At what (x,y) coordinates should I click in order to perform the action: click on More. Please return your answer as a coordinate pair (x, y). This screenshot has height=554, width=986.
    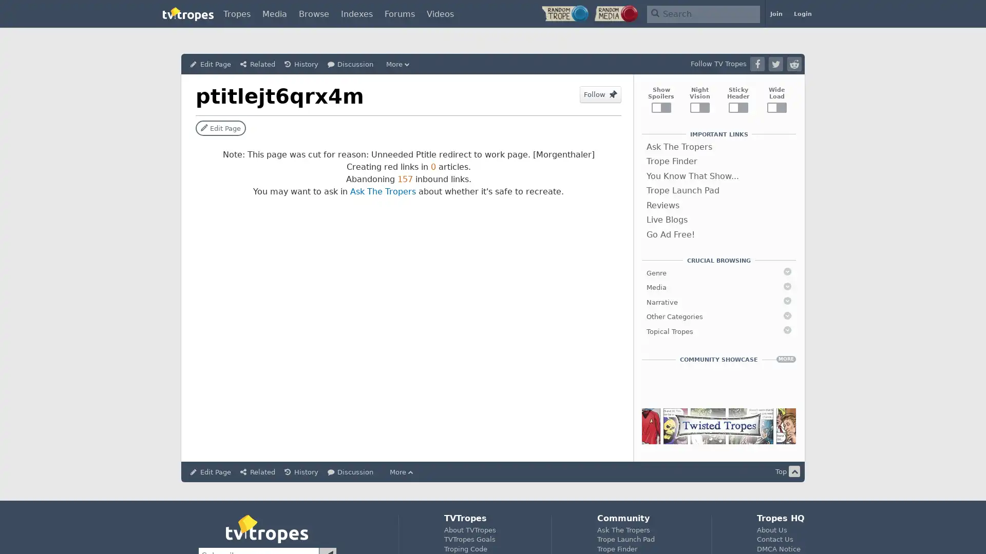
    Looking at the image, I should click on (399, 64).